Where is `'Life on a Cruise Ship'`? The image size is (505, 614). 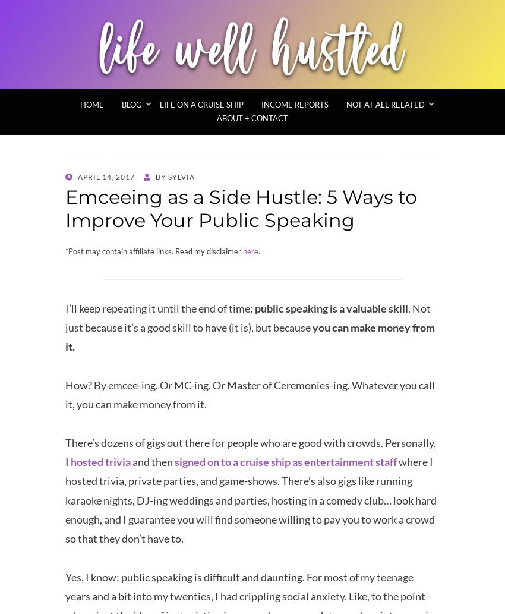
'Life on a Cruise Ship' is located at coordinates (159, 104).